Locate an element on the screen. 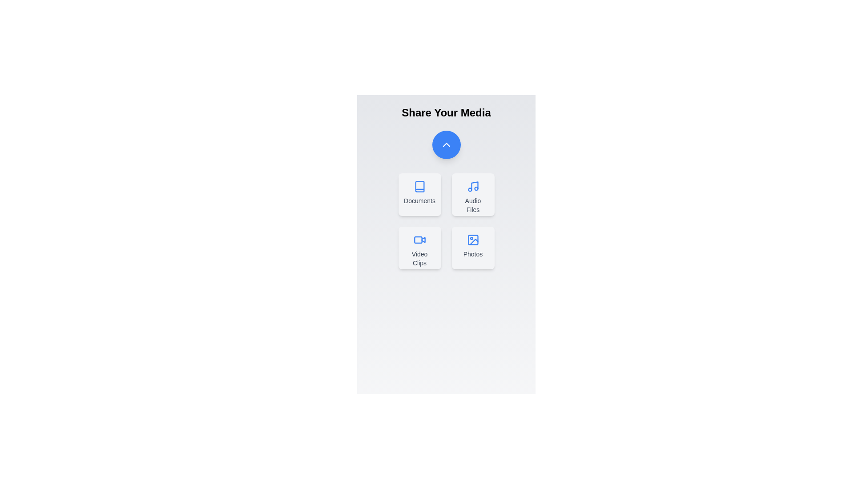 The image size is (854, 480). the button corresponding to the media type Audio Files is located at coordinates (472, 194).